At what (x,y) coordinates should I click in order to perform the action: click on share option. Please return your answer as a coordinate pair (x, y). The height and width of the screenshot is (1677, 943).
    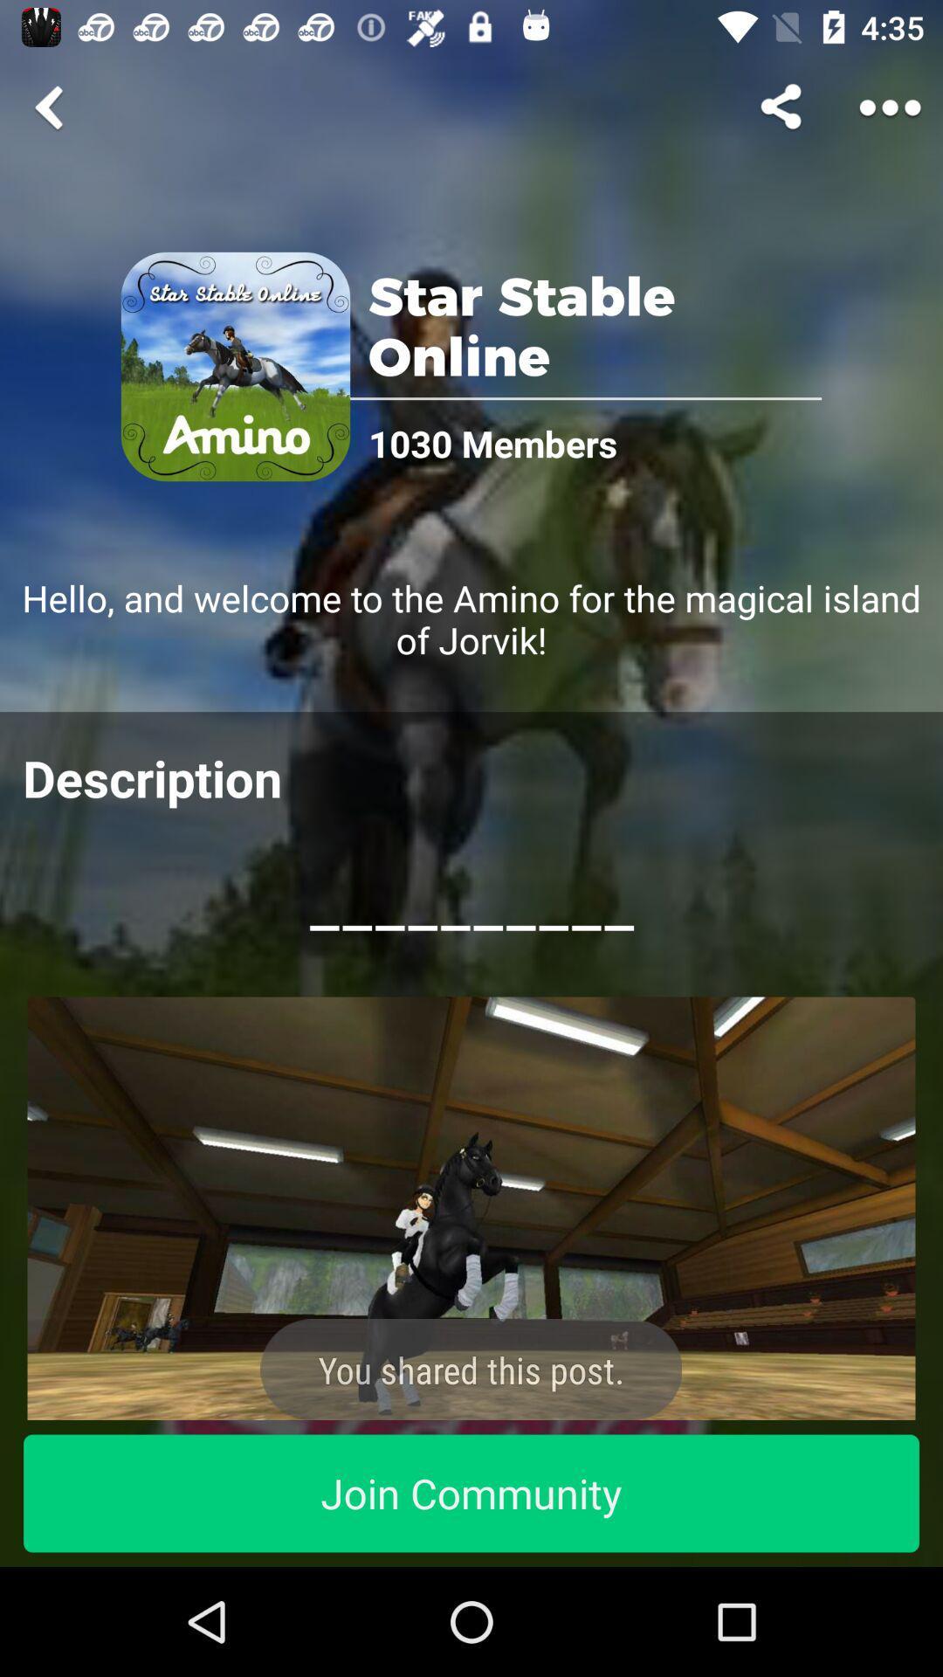
    Looking at the image, I should click on (783, 107).